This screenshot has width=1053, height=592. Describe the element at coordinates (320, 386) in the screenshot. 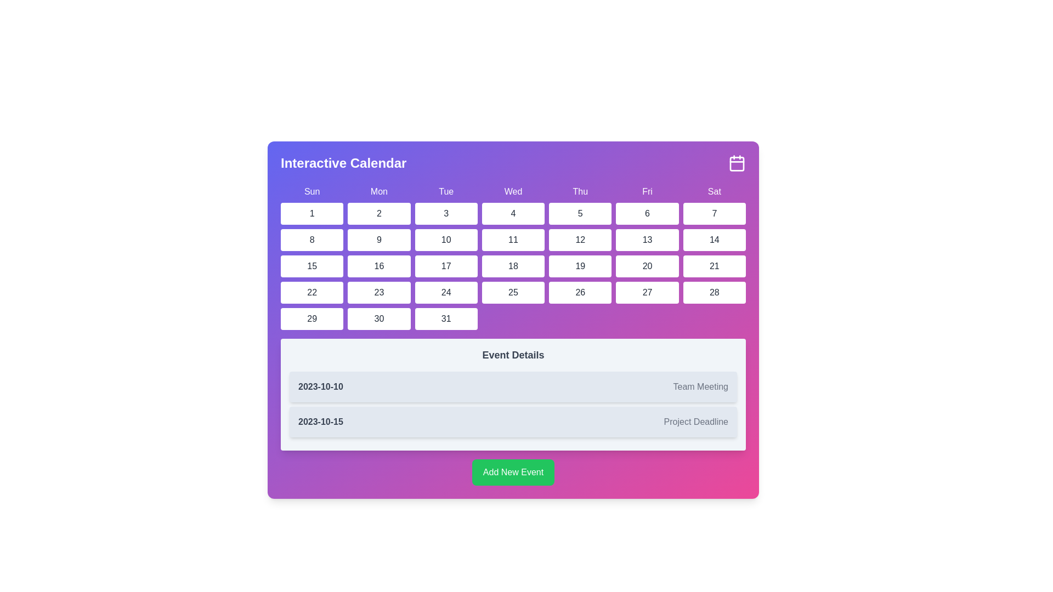

I see `the text label displaying the date '2023-10-10' styled with a gray font and slightly bold text, located in the 'Event Details' section` at that location.